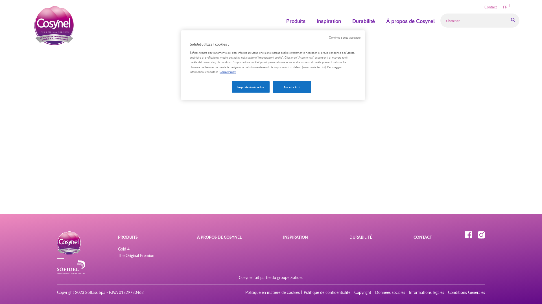 The width and height of the screenshot is (542, 304). I want to click on 'Inspiration', so click(329, 21).